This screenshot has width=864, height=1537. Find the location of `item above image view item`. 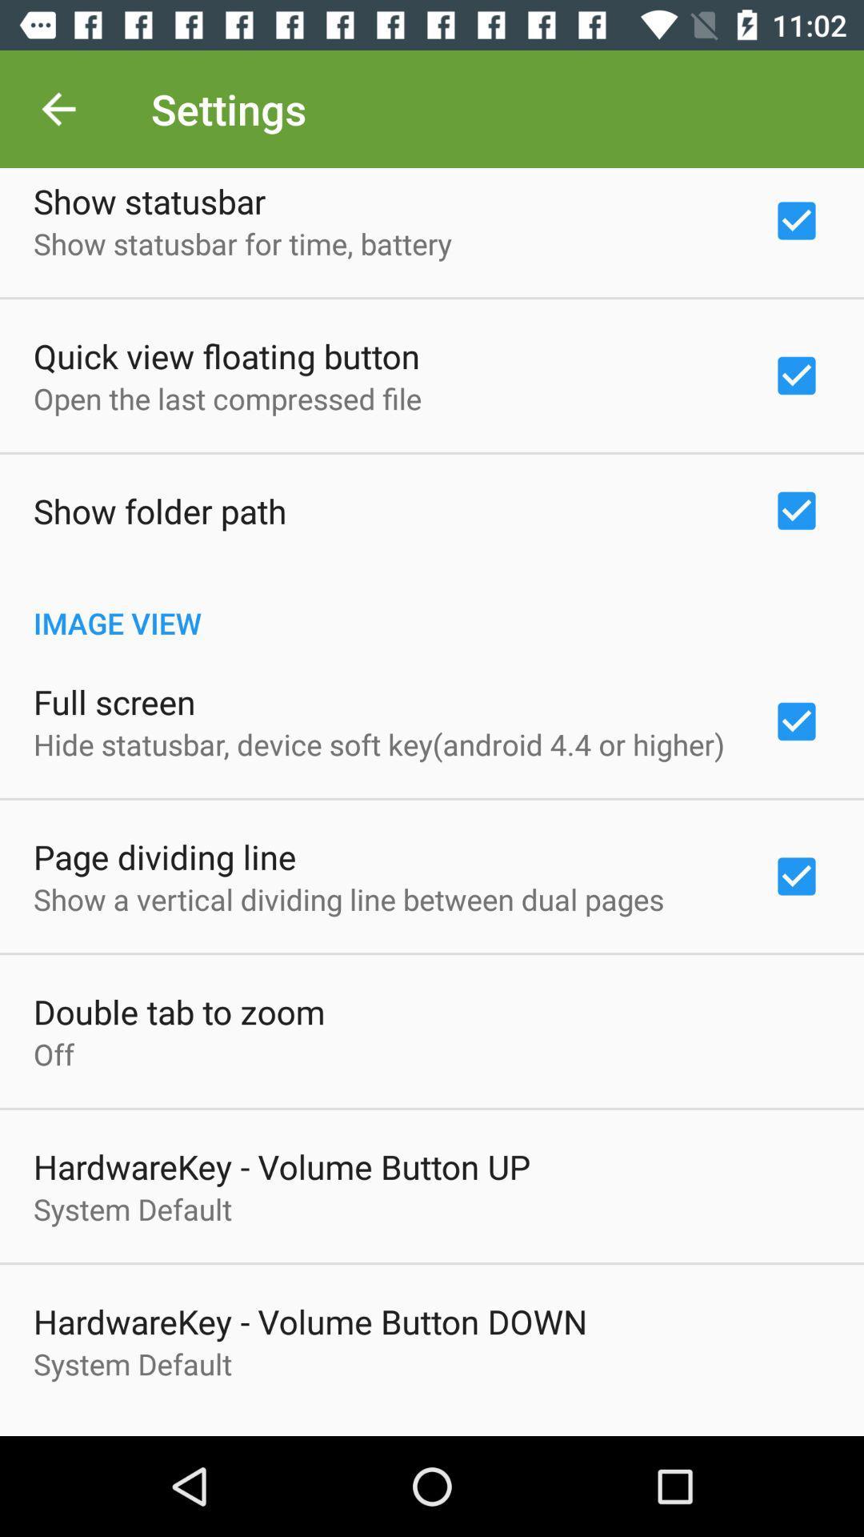

item above image view item is located at coordinates (160, 510).